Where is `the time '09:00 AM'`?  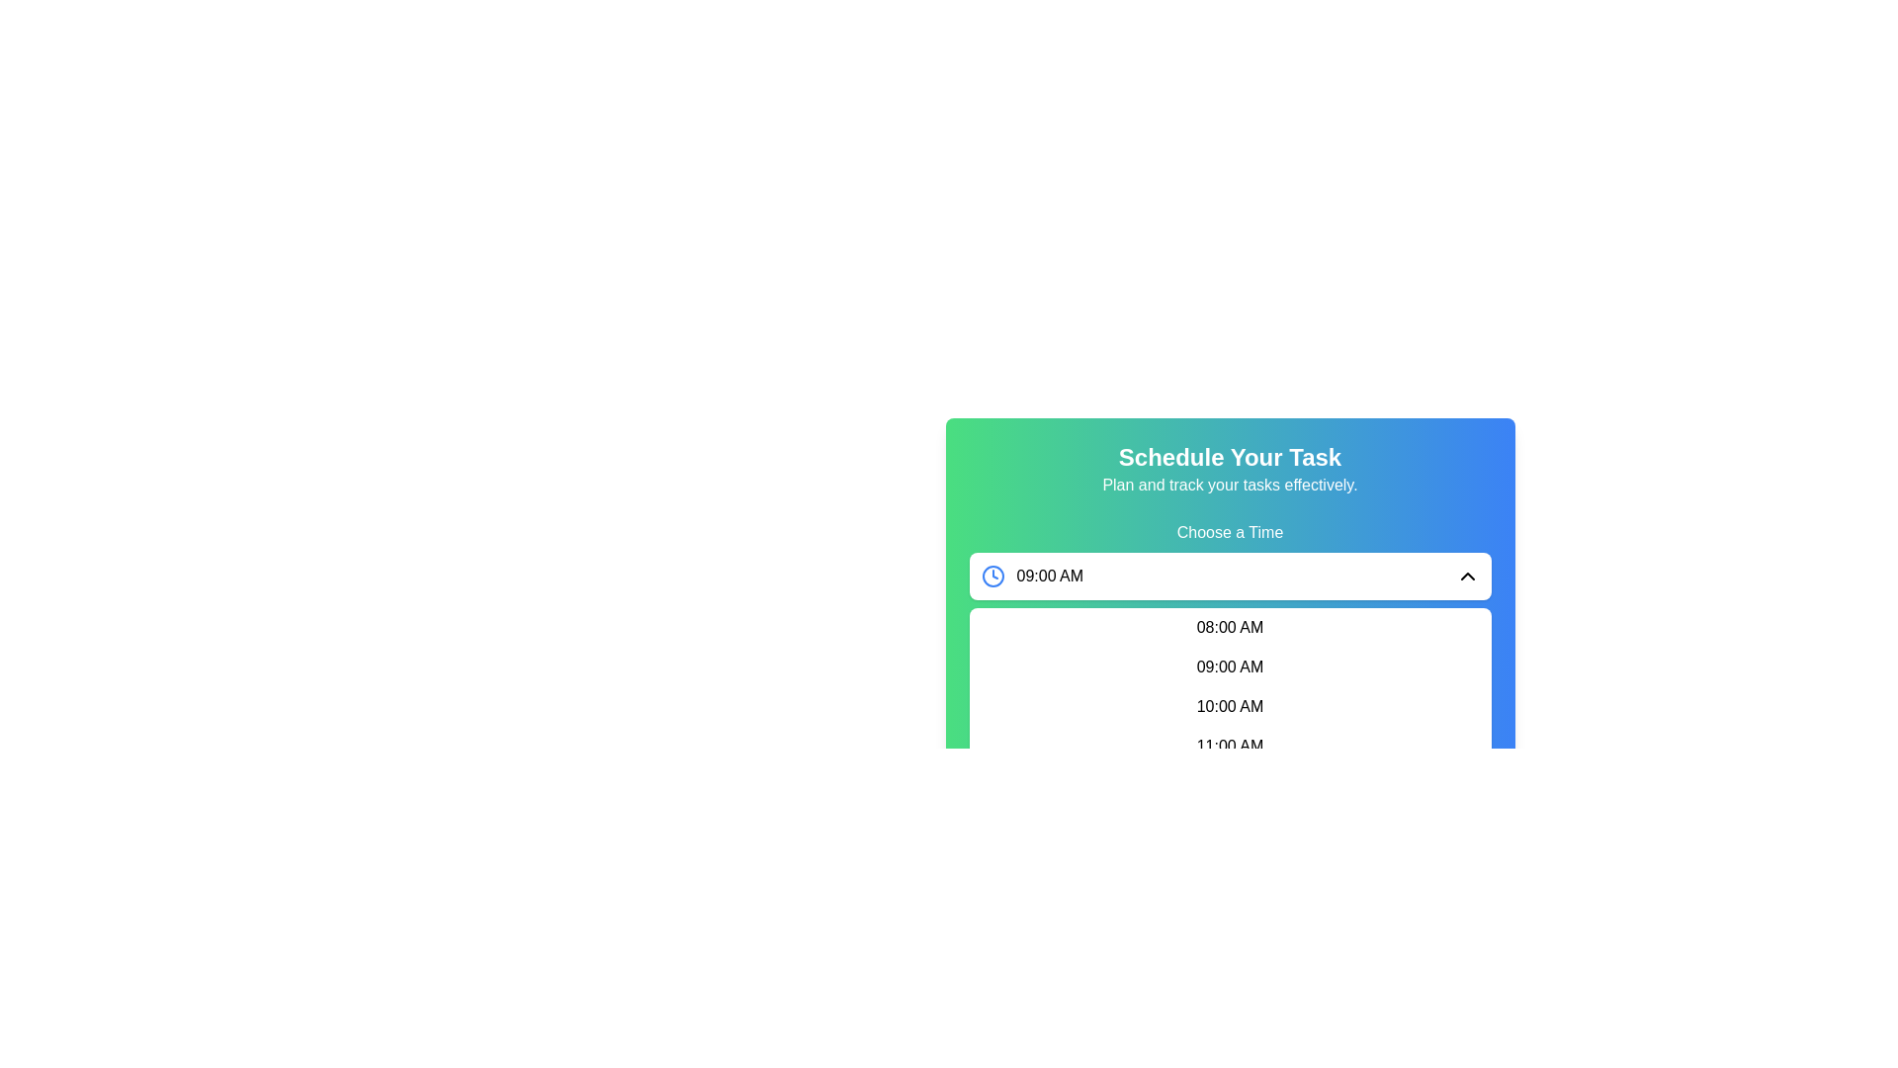 the time '09:00 AM' is located at coordinates (1229, 667).